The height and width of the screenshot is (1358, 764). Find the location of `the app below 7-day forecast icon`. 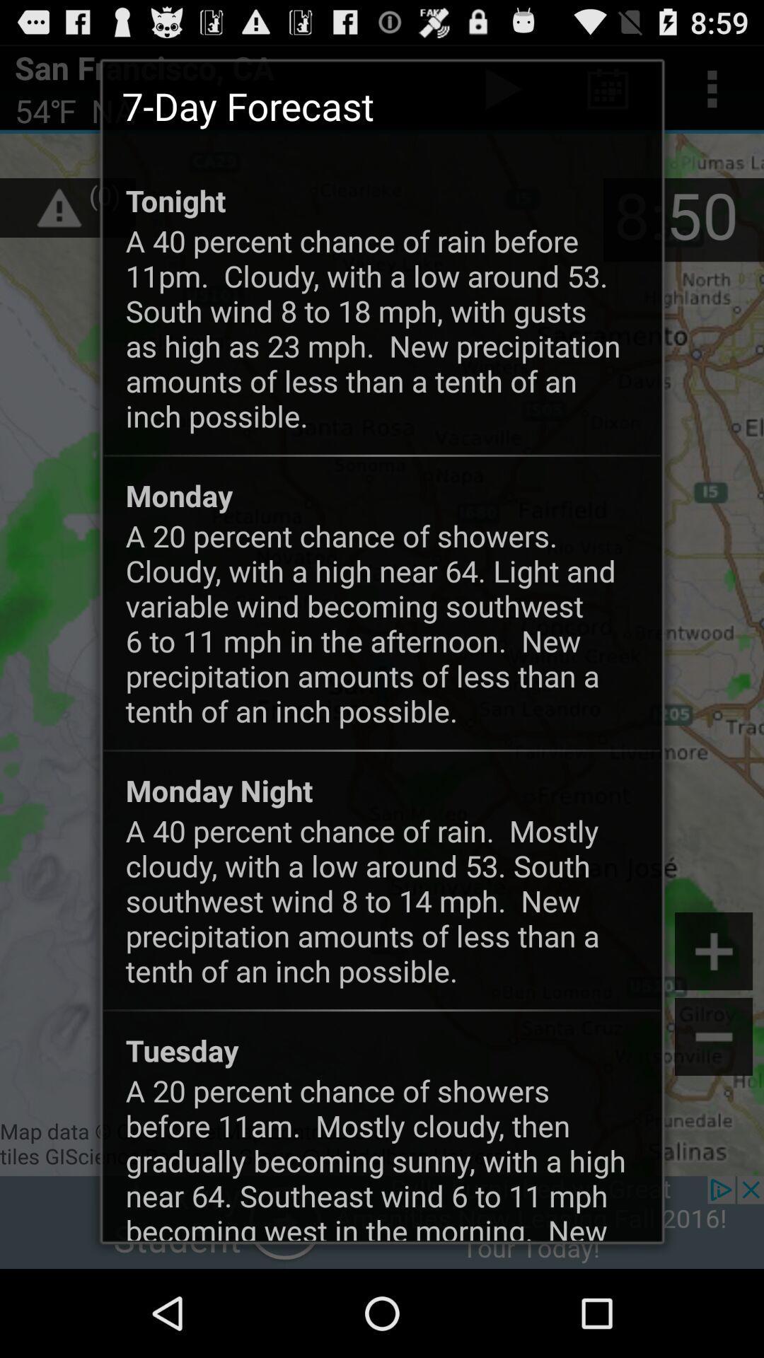

the app below 7-day forecast icon is located at coordinates (175, 199).